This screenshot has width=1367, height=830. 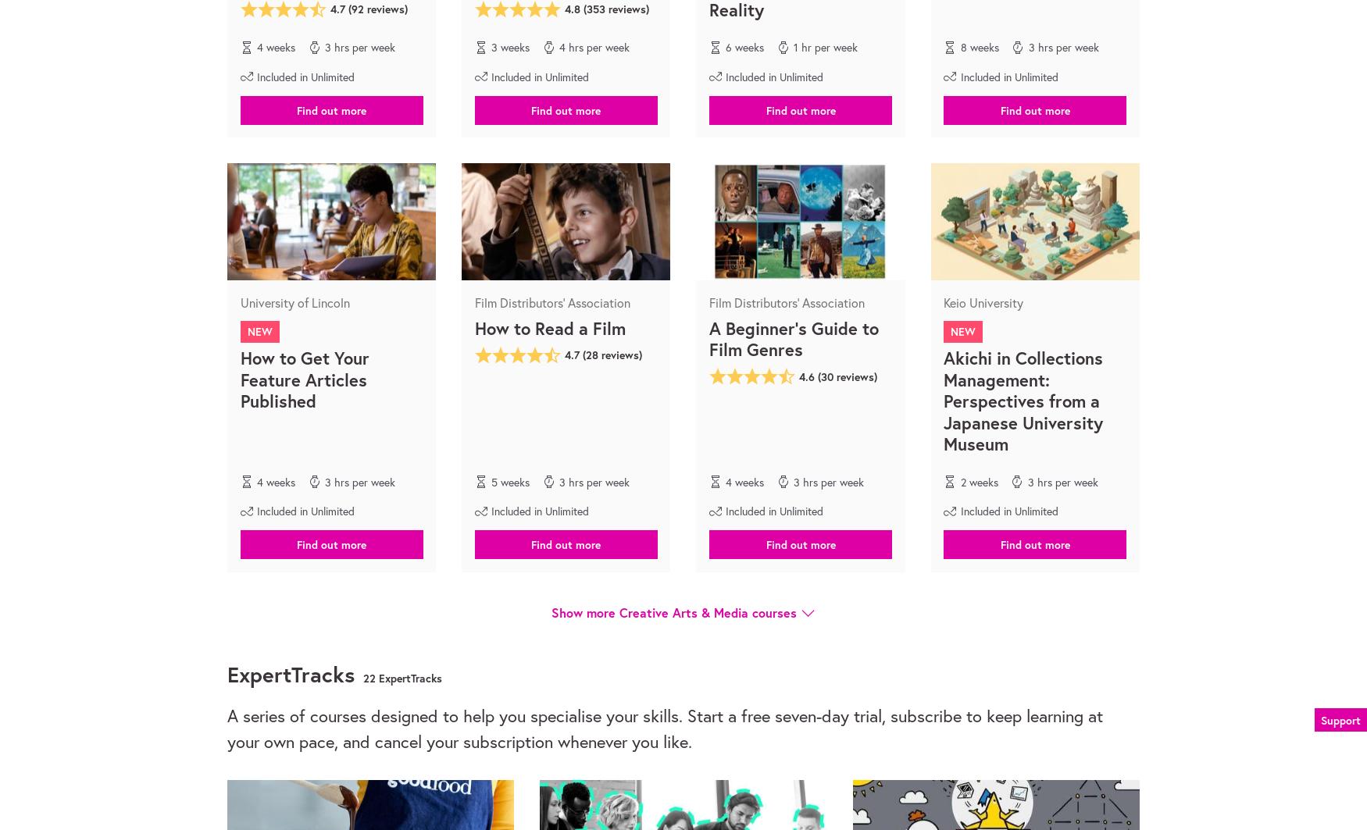 What do you see at coordinates (509, 480) in the screenshot?
I see `'5 weeks'` at bounding box center [509, 480].